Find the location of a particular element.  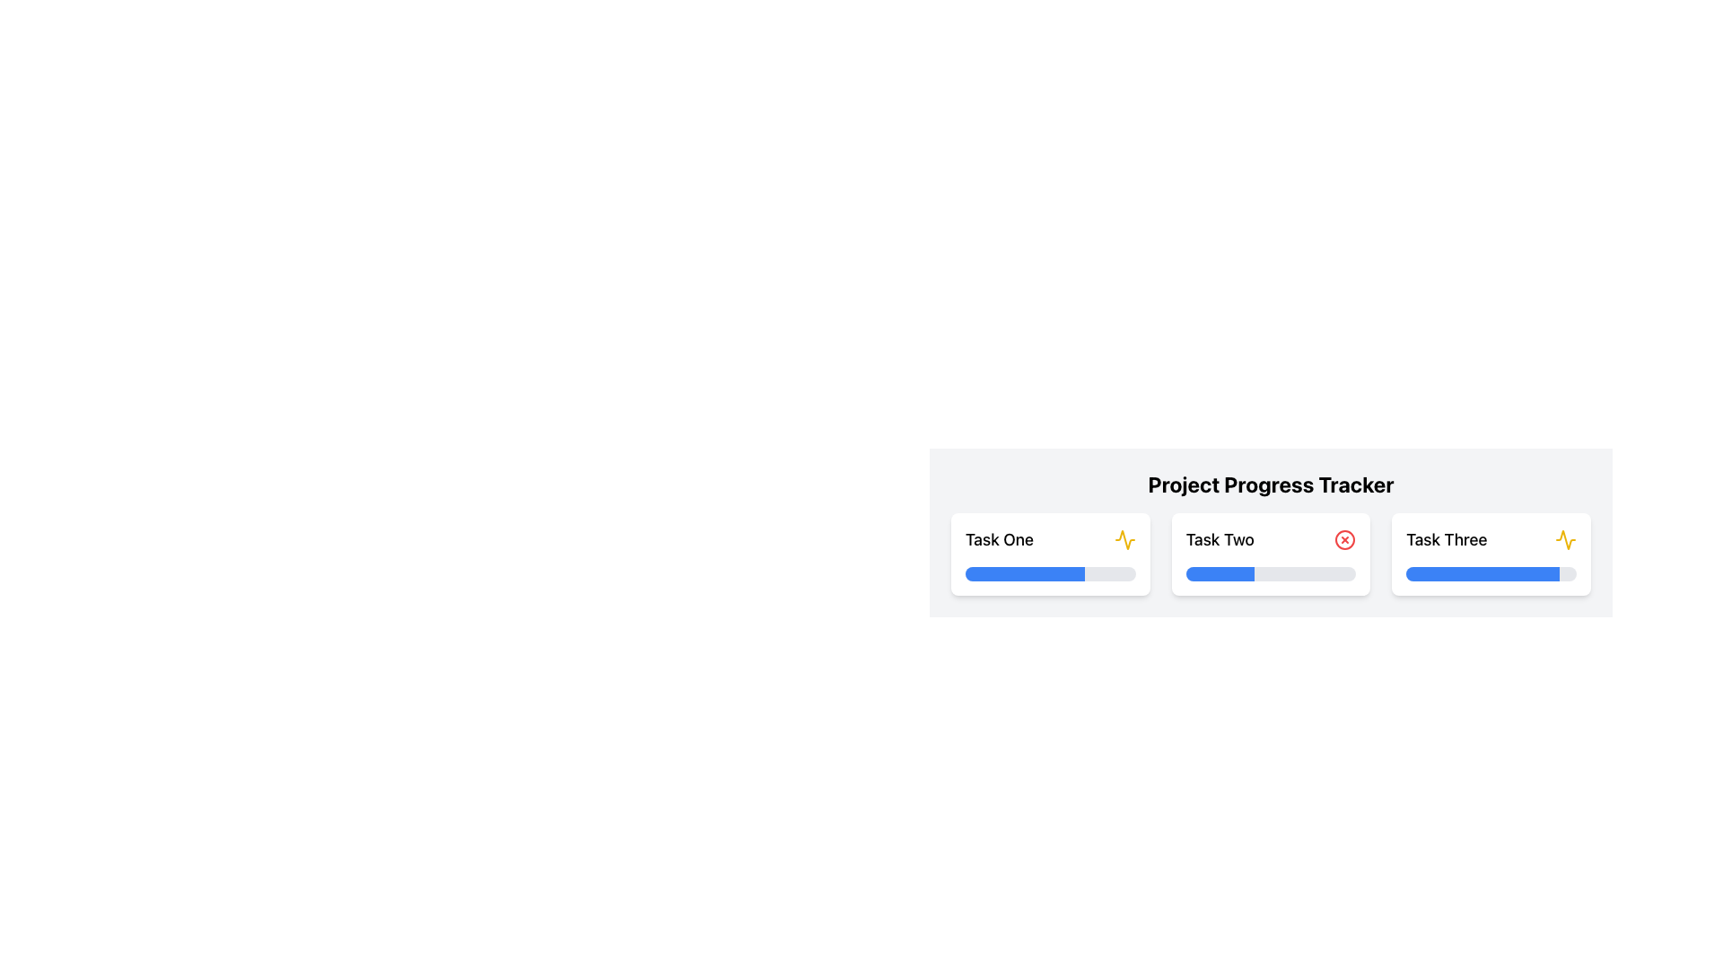

the Progress Bar located within the 'Task One' card, which visually represents the task completion percentage is located at coordinates (1050, 574).